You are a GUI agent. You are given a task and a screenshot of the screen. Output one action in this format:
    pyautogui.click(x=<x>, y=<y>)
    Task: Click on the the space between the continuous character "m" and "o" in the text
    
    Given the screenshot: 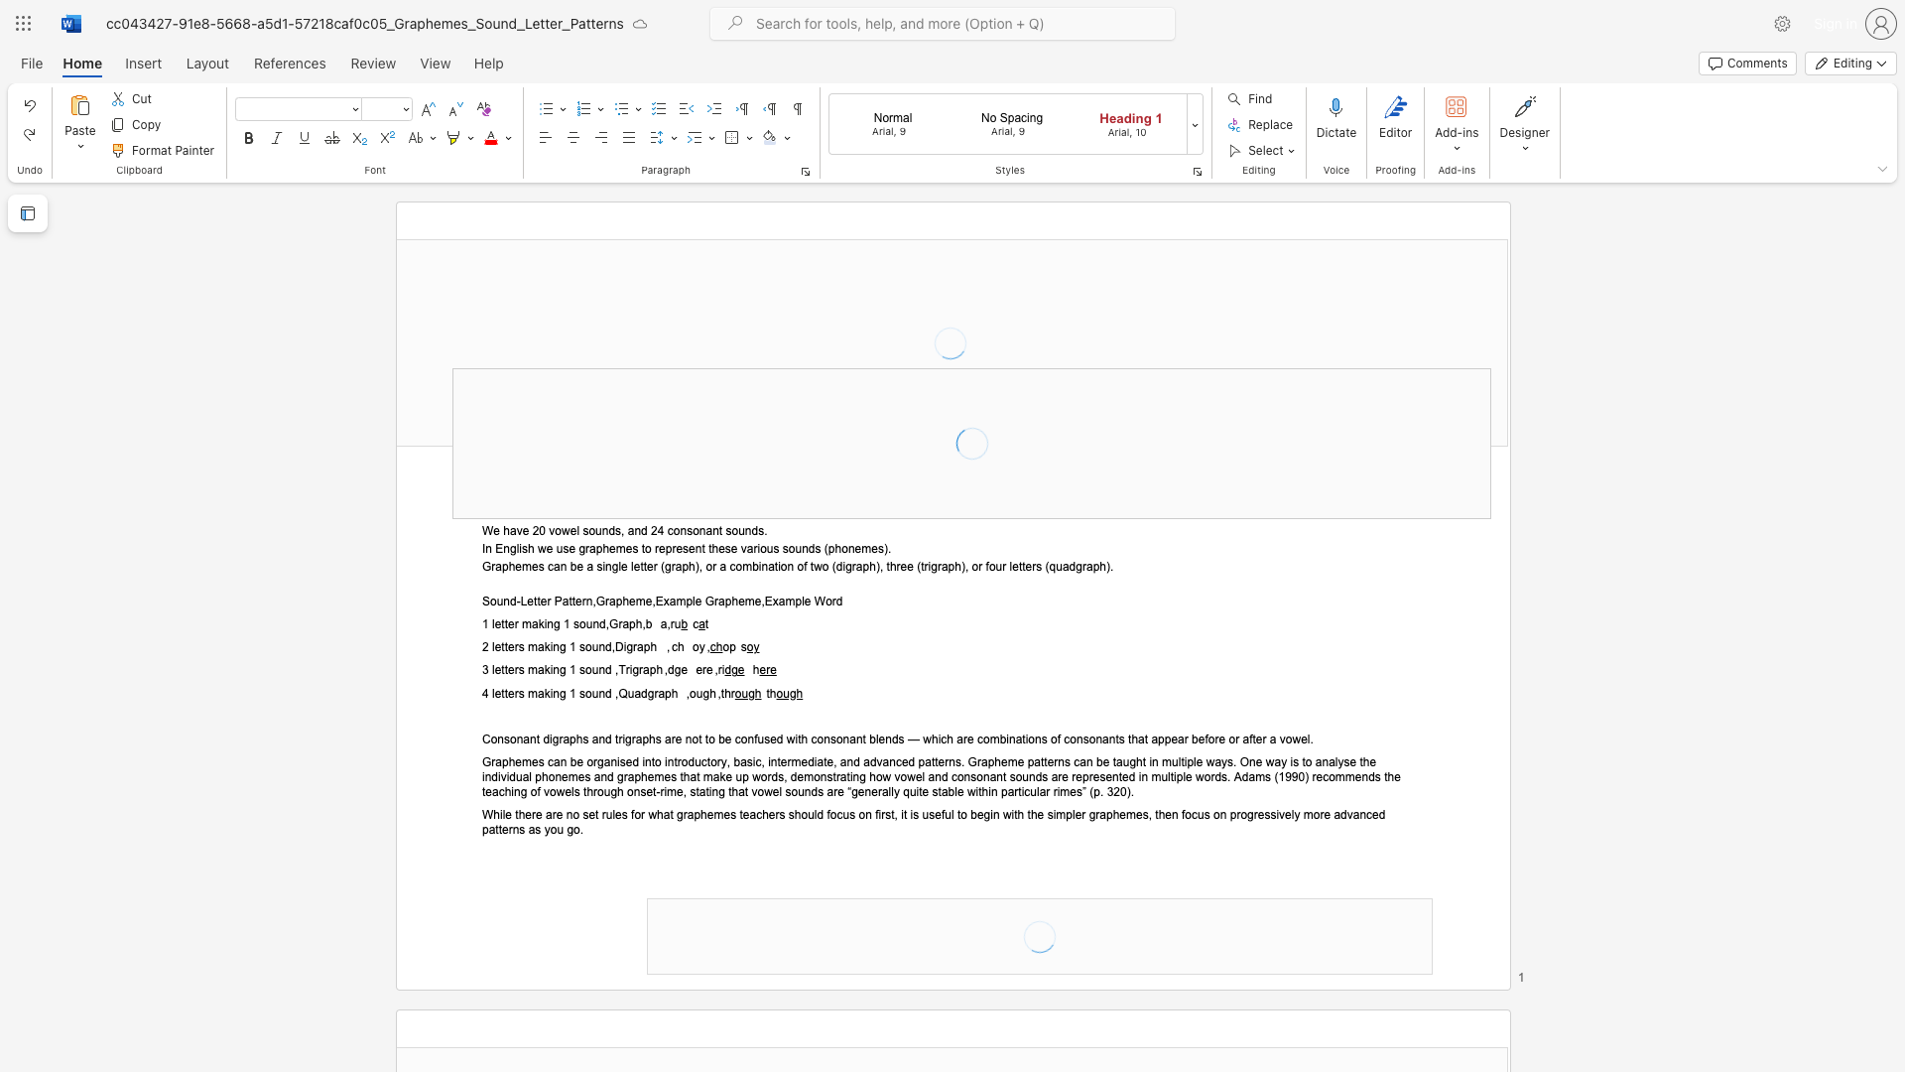 What is the action you would take?
    pyautogui.click(x=1312, y=815)
    